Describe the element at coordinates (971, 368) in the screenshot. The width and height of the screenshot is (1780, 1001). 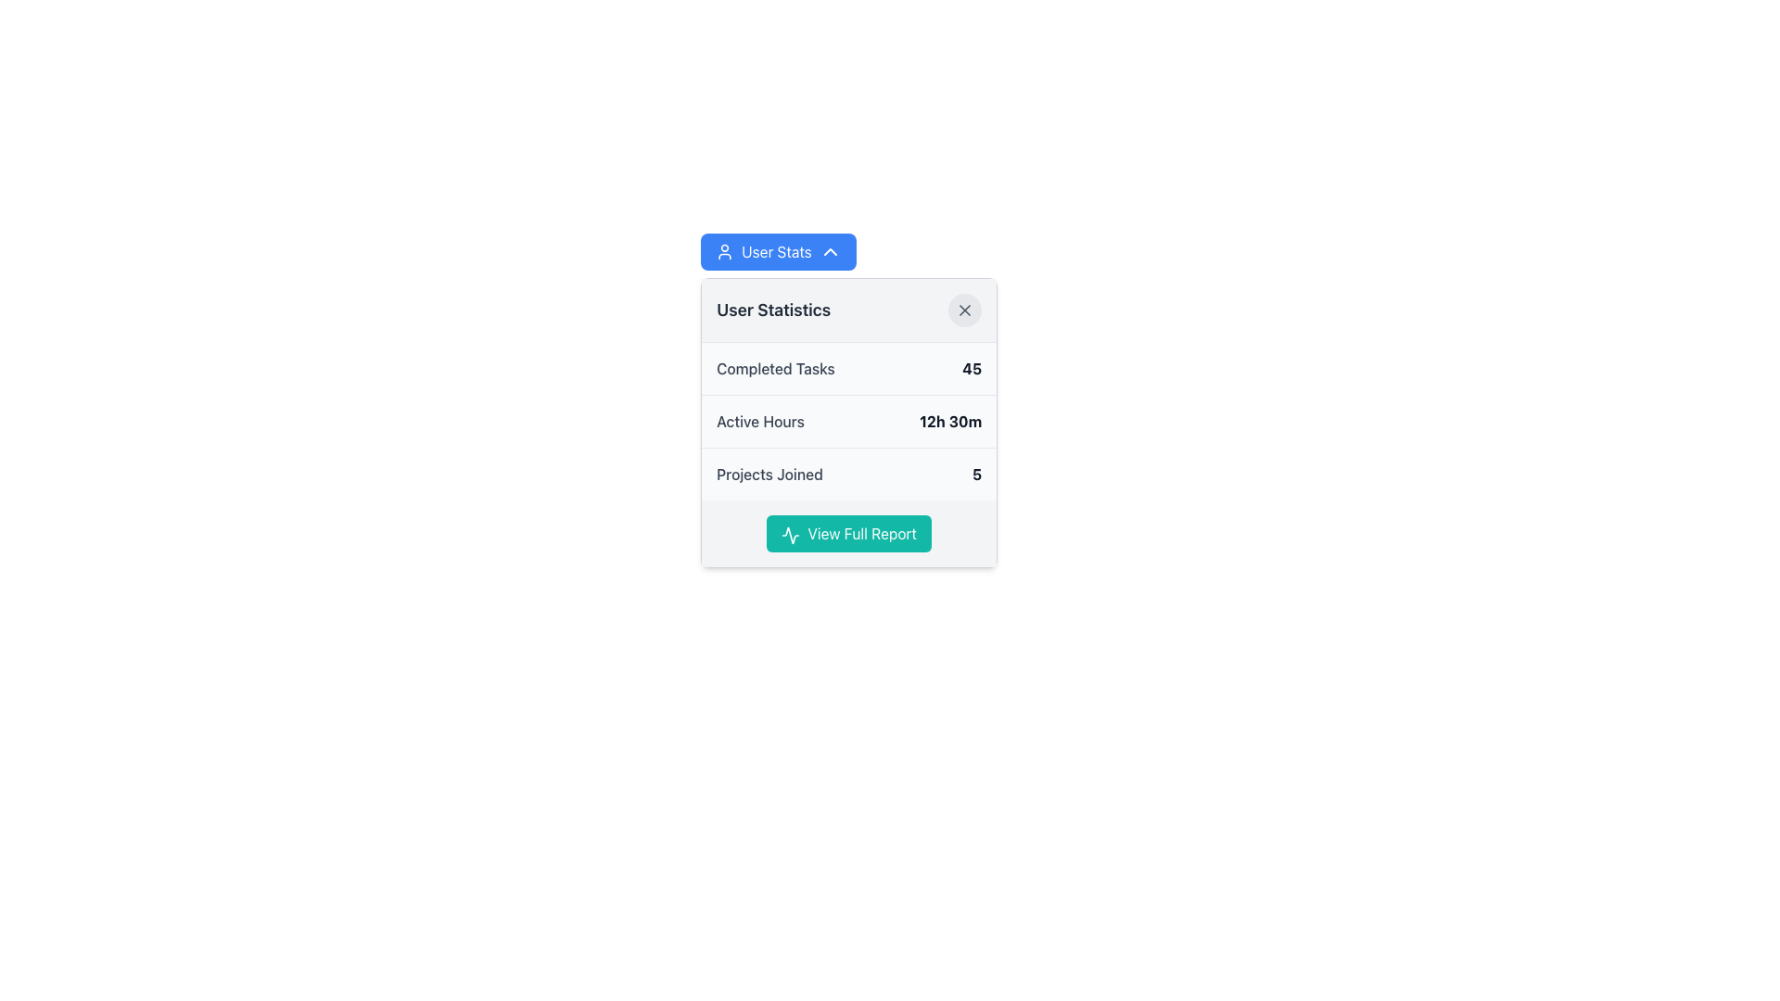
I see `the static text label displaying the number '45' in bold, dark gray text, which is located within the 'User Statistics' card adjacent to the label 'Completed Tasks'` at that location.